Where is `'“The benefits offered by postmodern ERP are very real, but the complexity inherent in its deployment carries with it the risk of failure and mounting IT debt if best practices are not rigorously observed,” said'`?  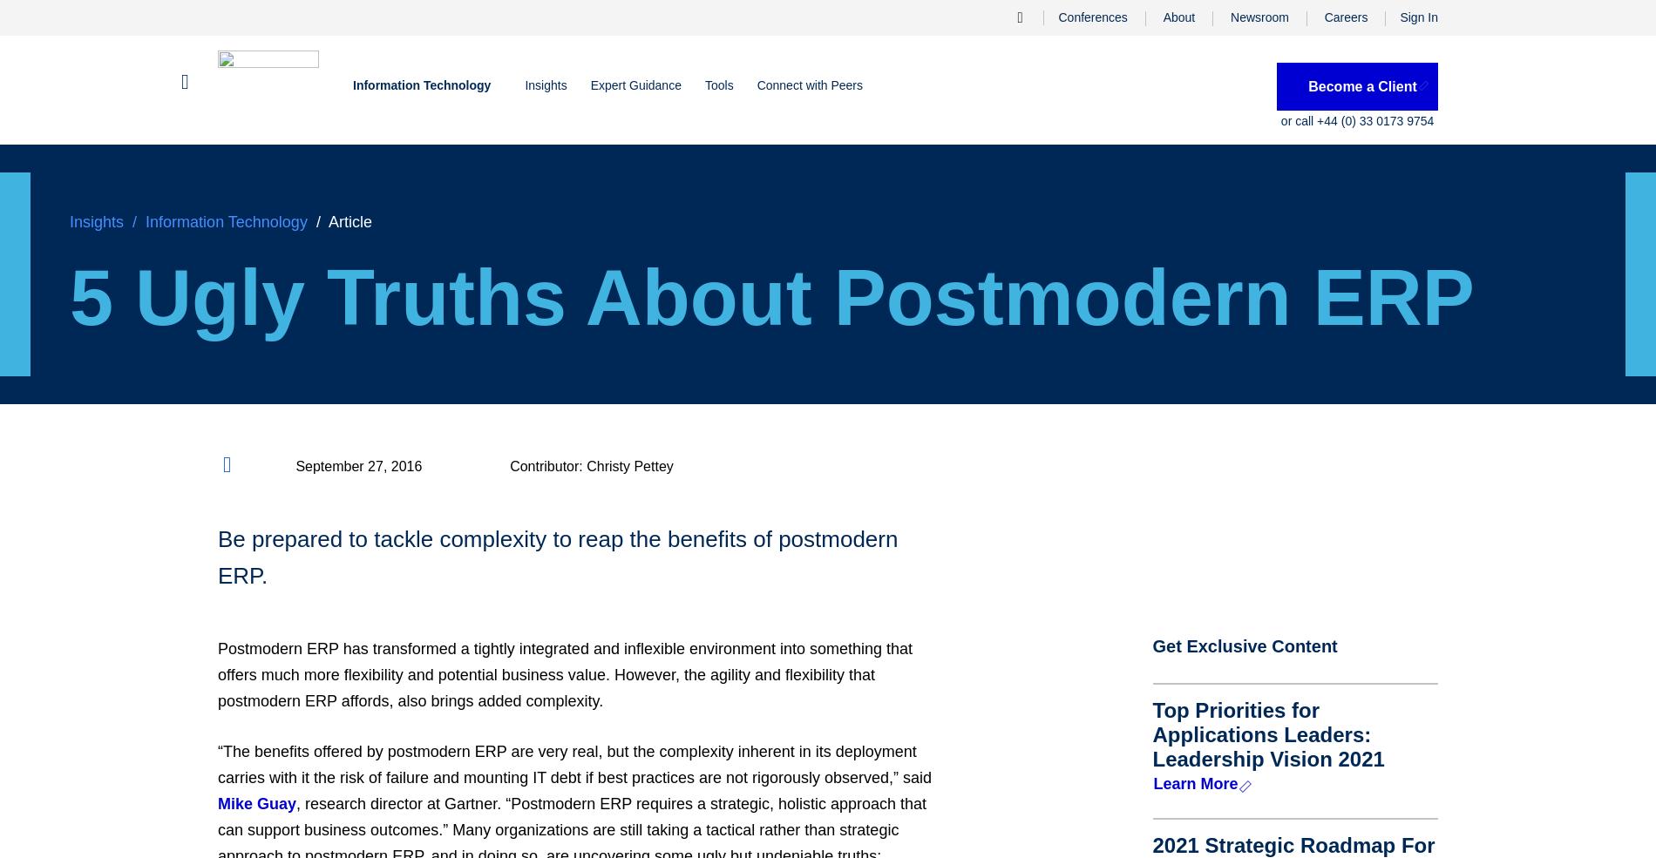
'“The benefits offered by postmodern ERP are very real, but the complexity inherent in its deployment carries with it the risk of failure and mounting IT debt if best practices are not rigorously observed,” said' is located at coordinates (574, 764).